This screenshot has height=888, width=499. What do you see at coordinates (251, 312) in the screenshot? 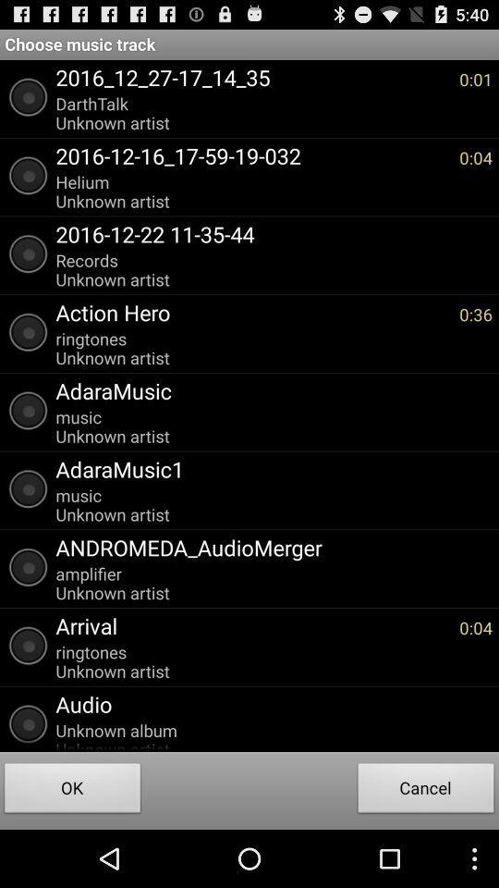
I see `app above the ringtones` at bounding box center [251, 312].